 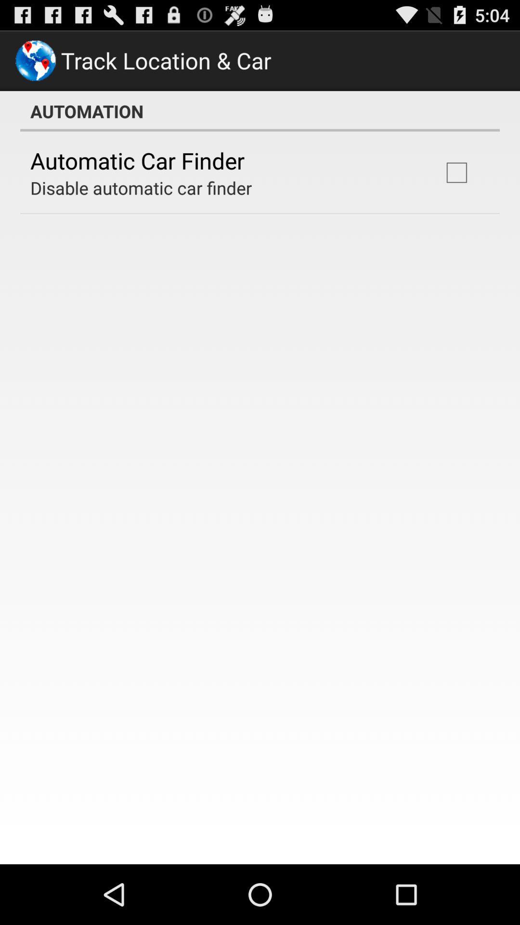 What do you see at coordinates (456, 172) in the screenshot?
I see `the item to the right of the disable automatic car` at bounding box center [456, 172].